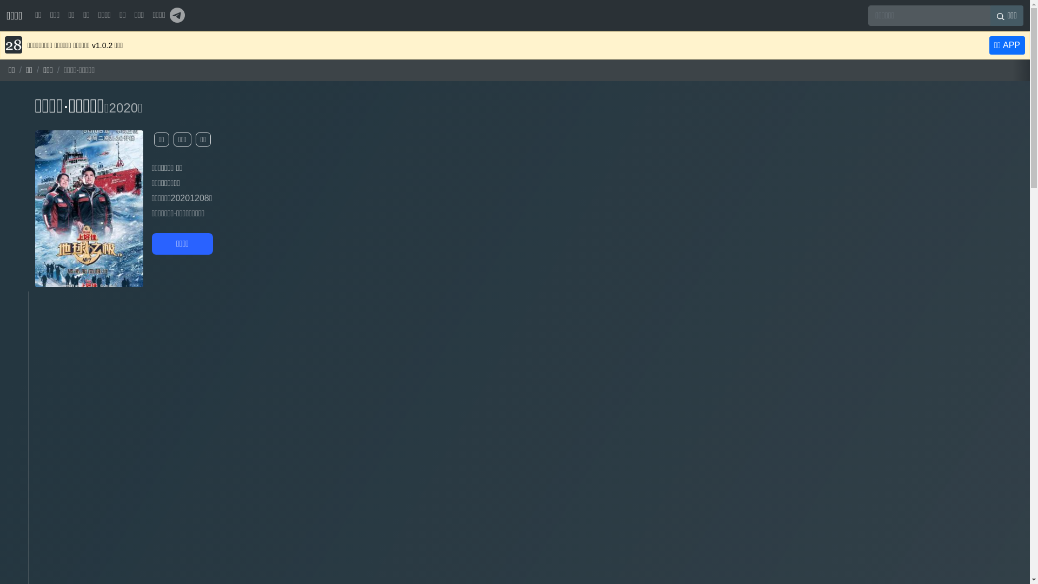 Image resolution: width=1038 pixels, height=584 pixels. What do you see at coordinates (109, 108) in the screenshot?
I see `'2020'` at bounding box center [109, 108].